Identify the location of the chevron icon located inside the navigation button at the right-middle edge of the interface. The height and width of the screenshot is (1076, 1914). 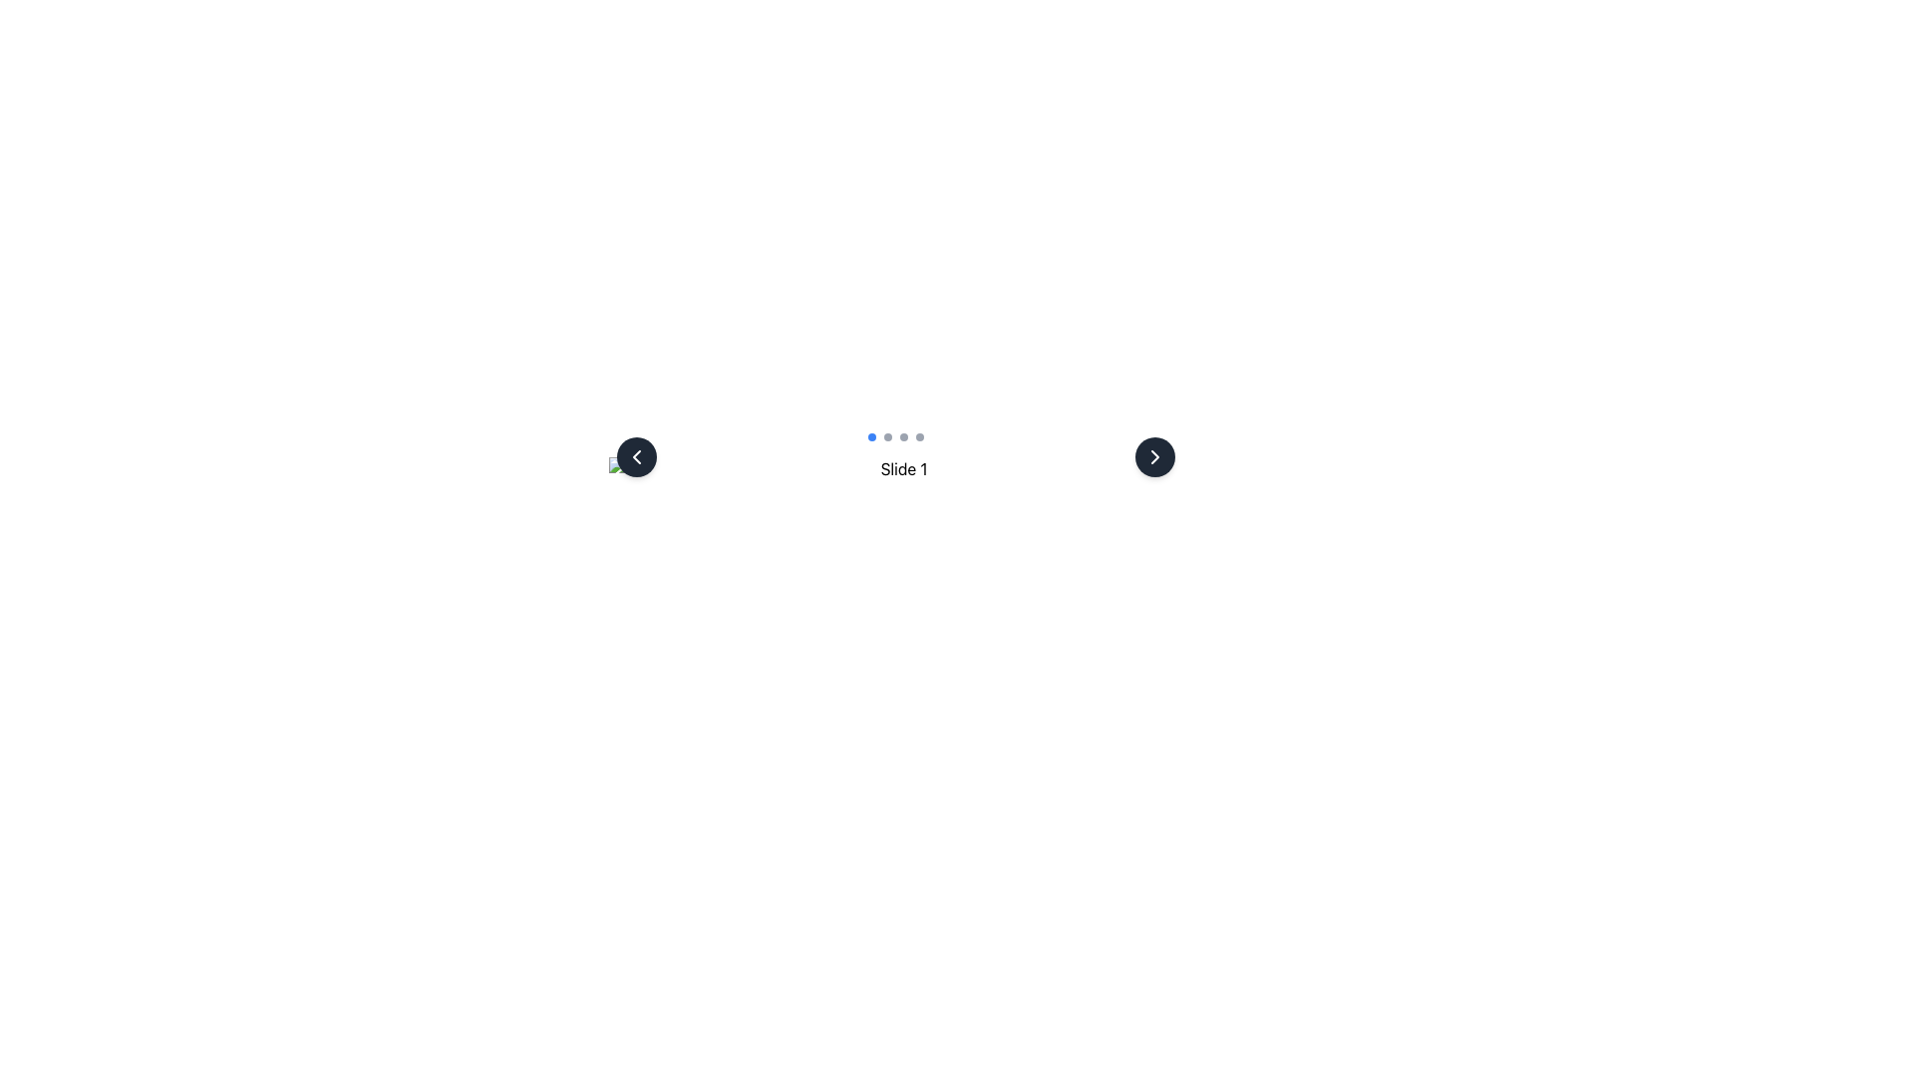
(1154, 457).